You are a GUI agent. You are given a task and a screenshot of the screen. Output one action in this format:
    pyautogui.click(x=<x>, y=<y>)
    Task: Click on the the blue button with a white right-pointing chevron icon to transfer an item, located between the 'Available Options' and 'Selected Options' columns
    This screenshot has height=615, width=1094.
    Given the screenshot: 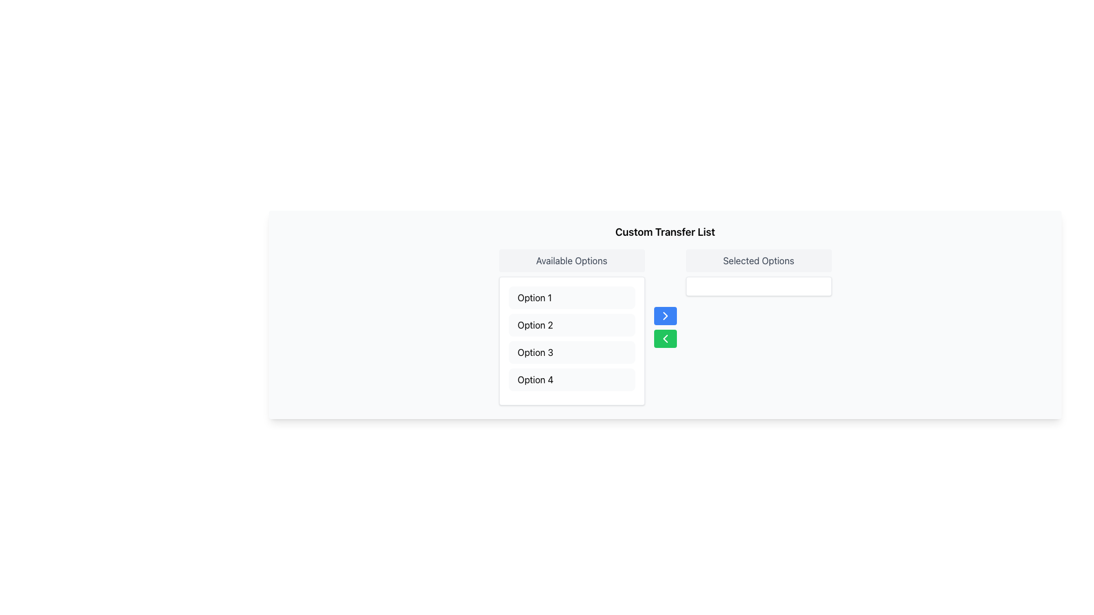 What is the action you would take?
    pyautogui.click(x=665, y=316)
    